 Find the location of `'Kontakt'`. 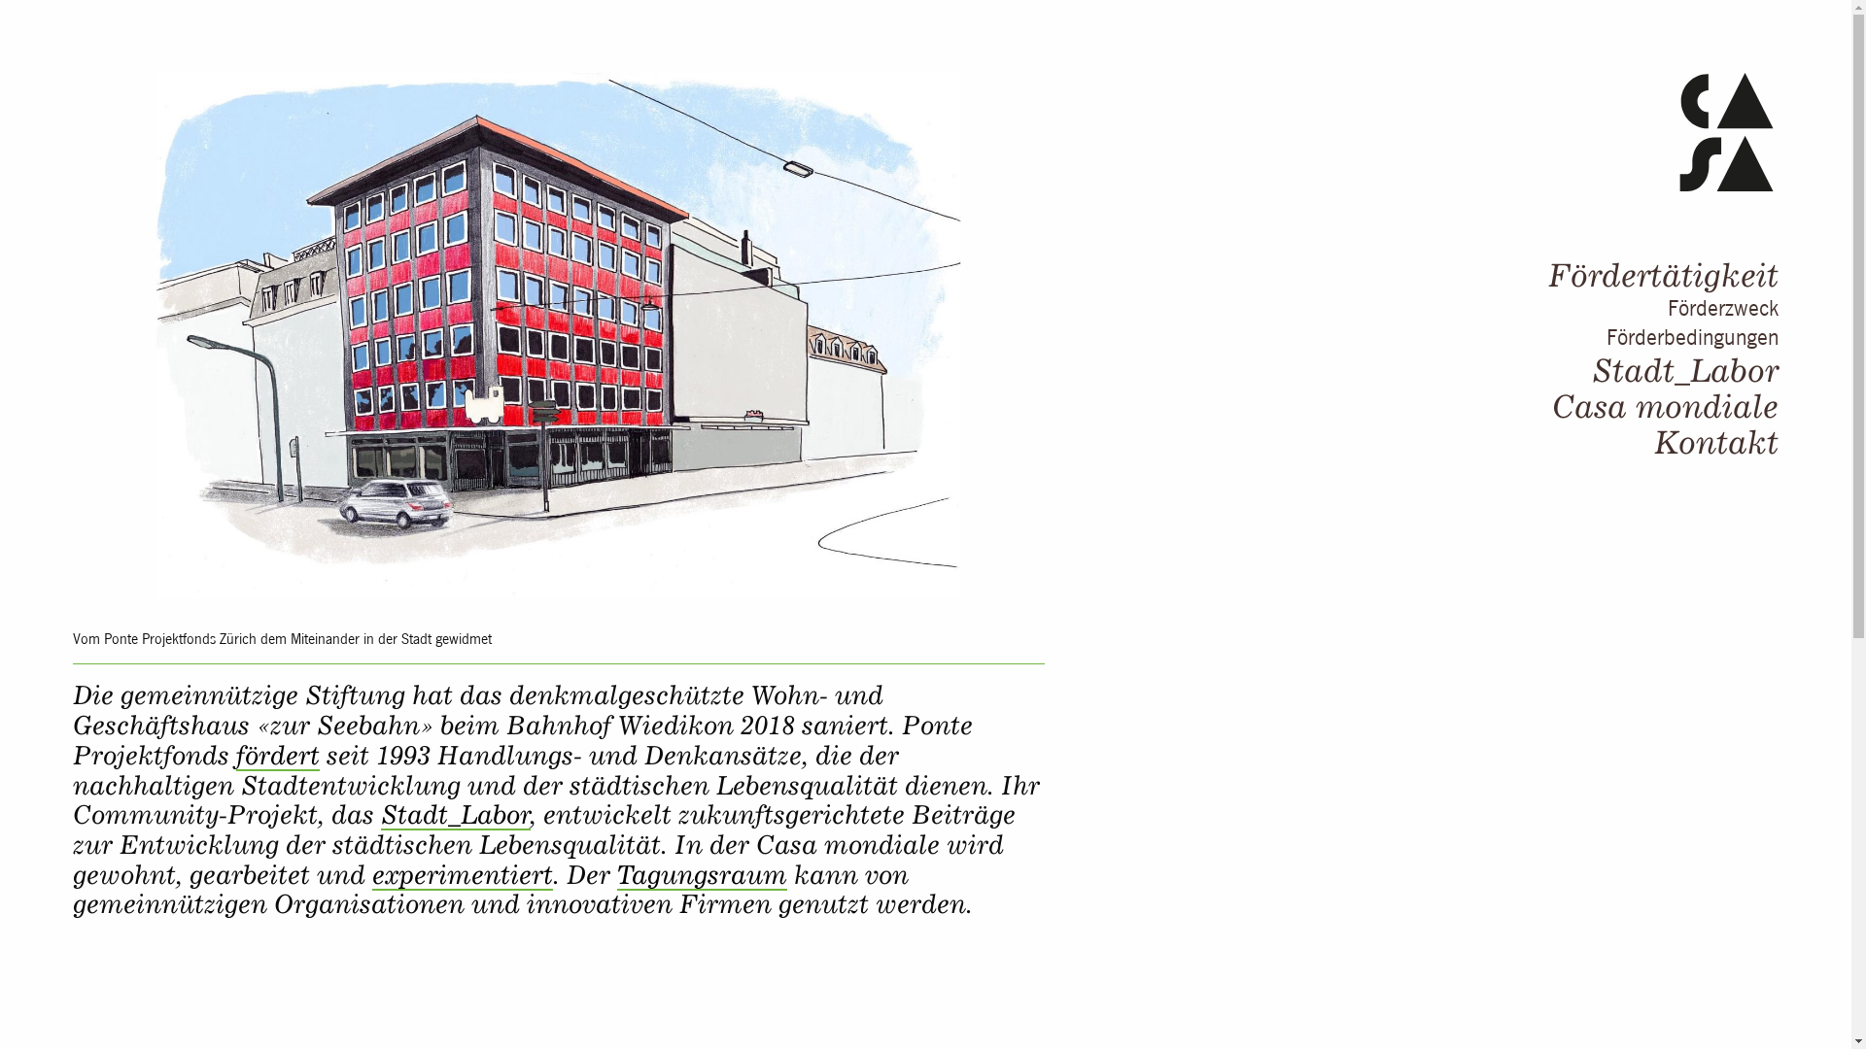

'Kontakt' is located at coordinates (1653, 442).